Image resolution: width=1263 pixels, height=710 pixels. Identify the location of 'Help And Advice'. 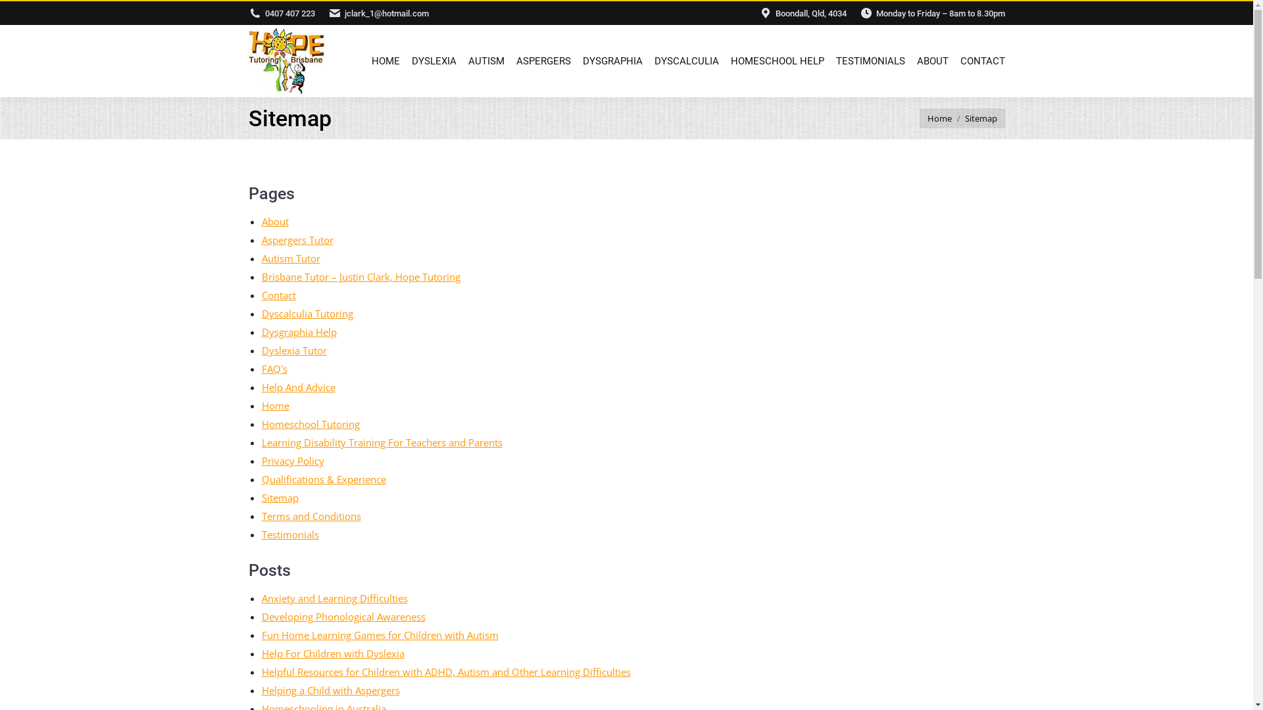
(262, 387).